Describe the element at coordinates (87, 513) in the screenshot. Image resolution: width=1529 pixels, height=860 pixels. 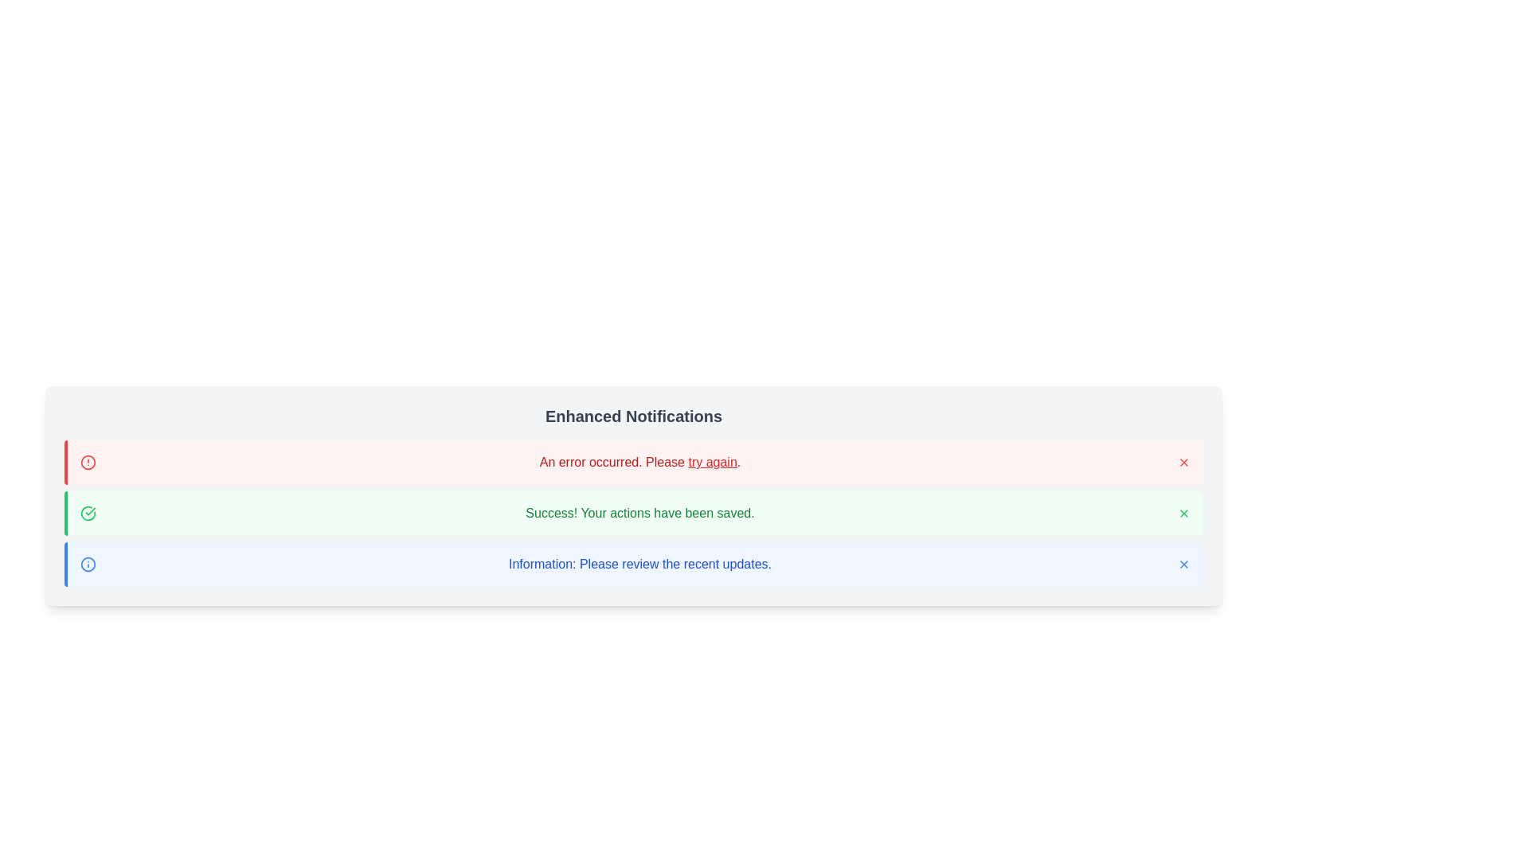
I see `the success icon located in the second notification block from the top, positioned to the left of the text 'Success! Your actions have been saved.'` at that location.